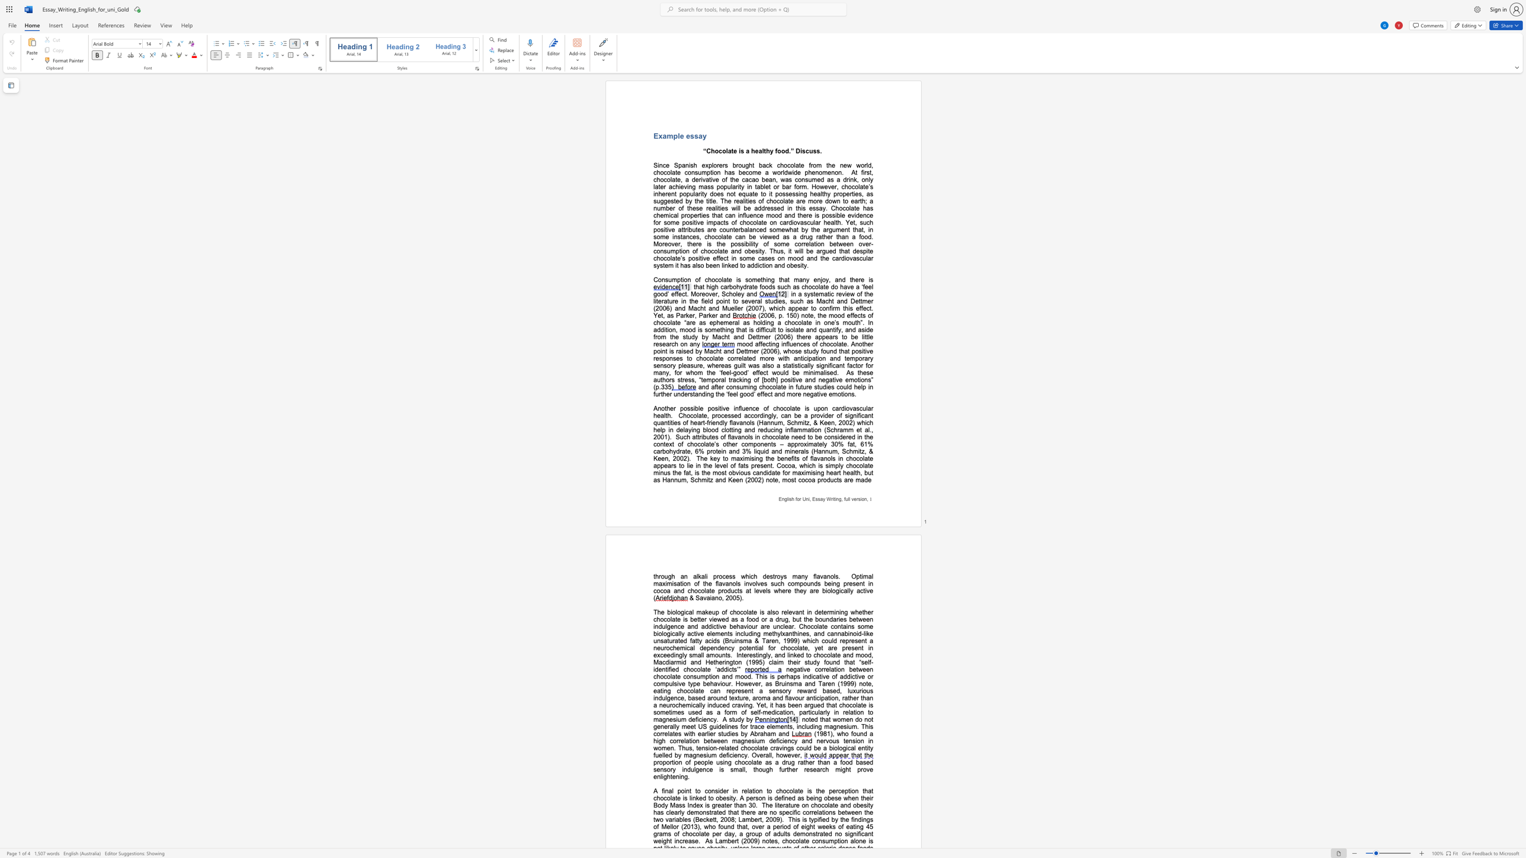 The height and width of the screenshot is (858, 1526). I want to click on the subset text "of the flavanols involves such compounds being present in cocoa and chocolate" within the text "Optimal maximisation of the flavanols involves such compounds being present in cocoa and chocolate products at levels where they are biologically active (", so click(694, 583).